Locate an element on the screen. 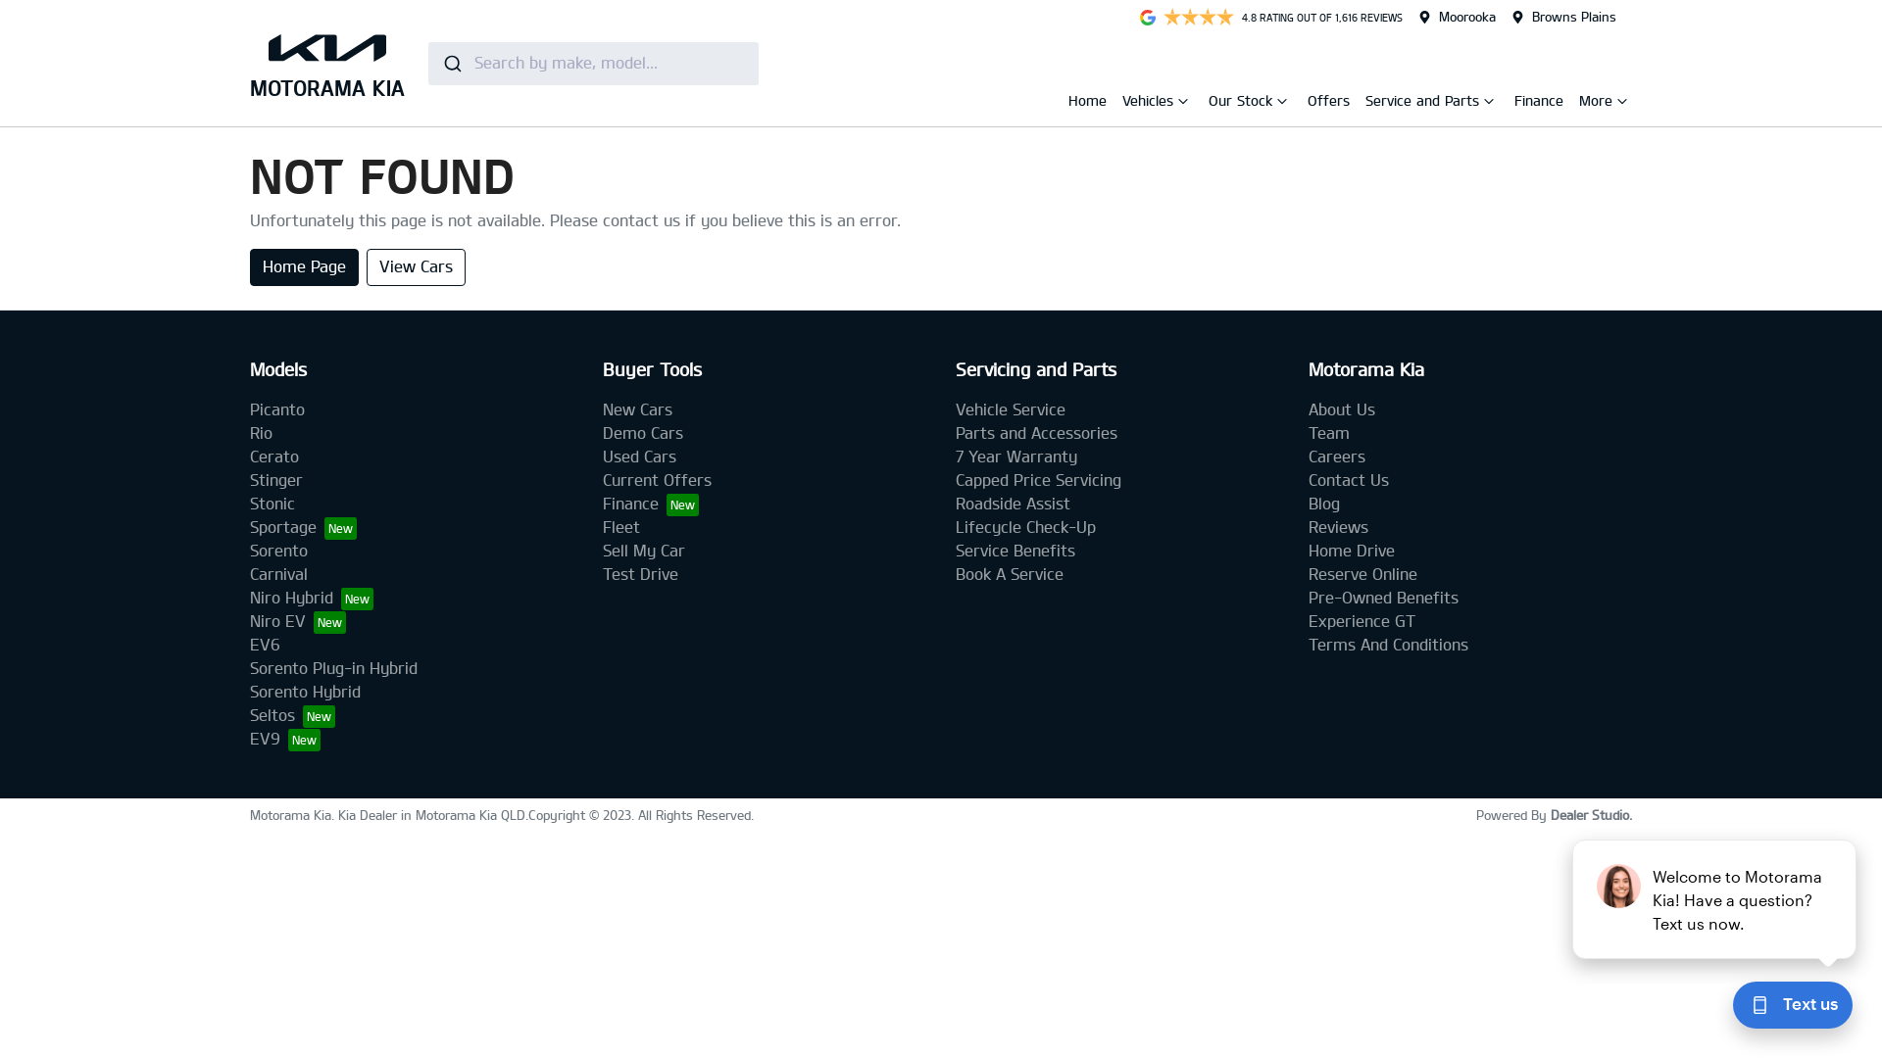 Image resolution: width=1882 pixels, height=1058 pixels. 'Rio' is located at coordinates (260, 432).